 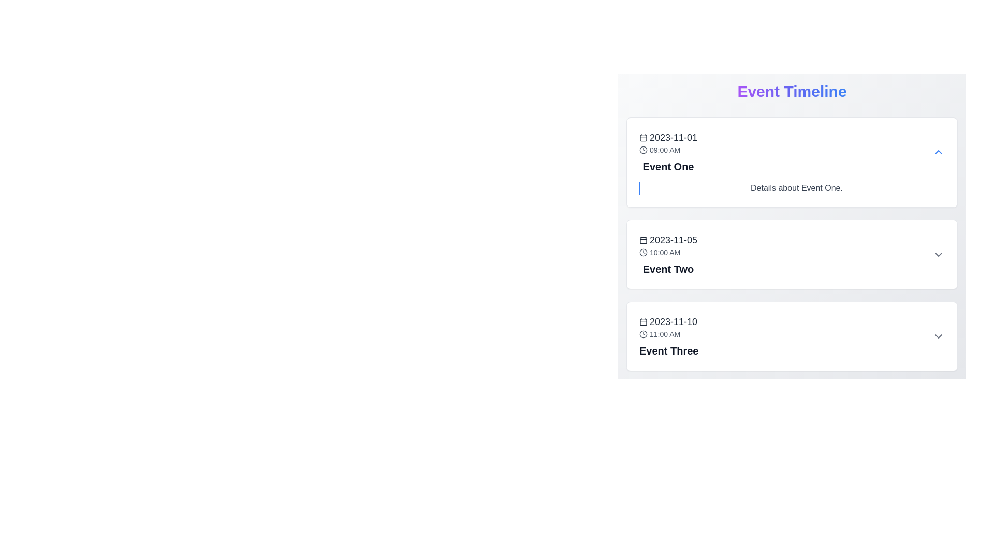 I want to click on the outermost circular component of the clock icon located in the top-left corner of the timeline card for Event One, so click(x=643, y=150).